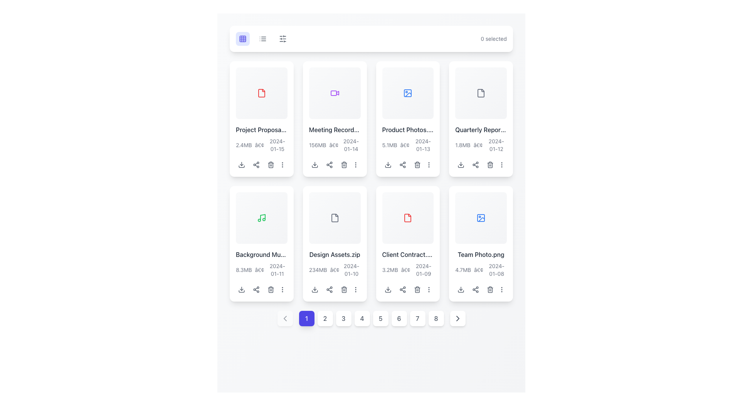 The height and width of the screenshot is (416, 740). Describe the element at coordinates (241, 289) in the screenshot. I see `the download icon button, which is a simple black outlined SVG depicting a downward arrow, located in the bottom-left section of the card for 'Background Music'` at that location.